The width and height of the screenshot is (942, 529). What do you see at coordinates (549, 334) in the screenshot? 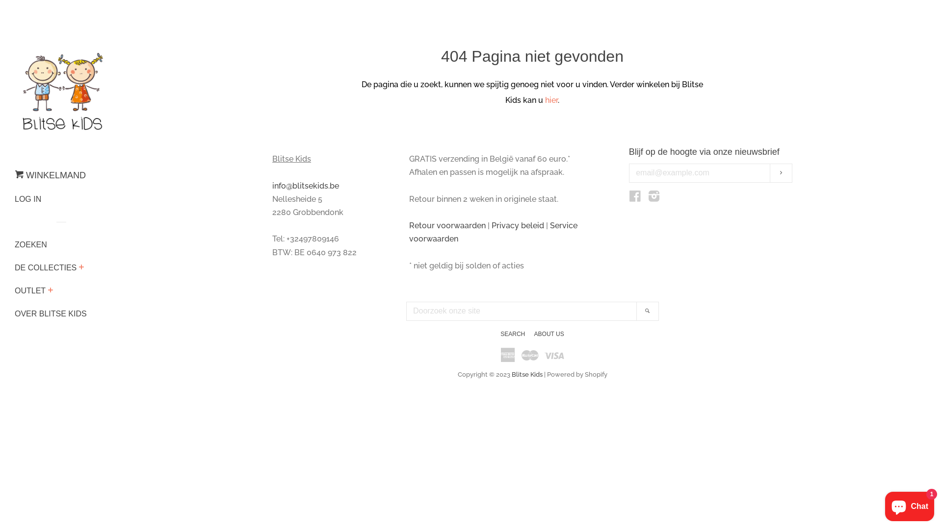
I see `'ABOUT US'` at bounding box center [549, 334].